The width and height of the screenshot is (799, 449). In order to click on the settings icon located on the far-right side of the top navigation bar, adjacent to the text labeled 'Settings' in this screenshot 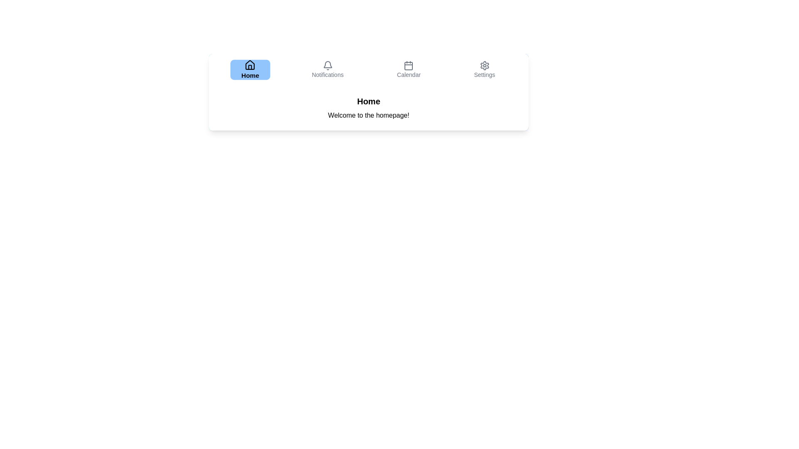, I will do `click(484, 65)`.